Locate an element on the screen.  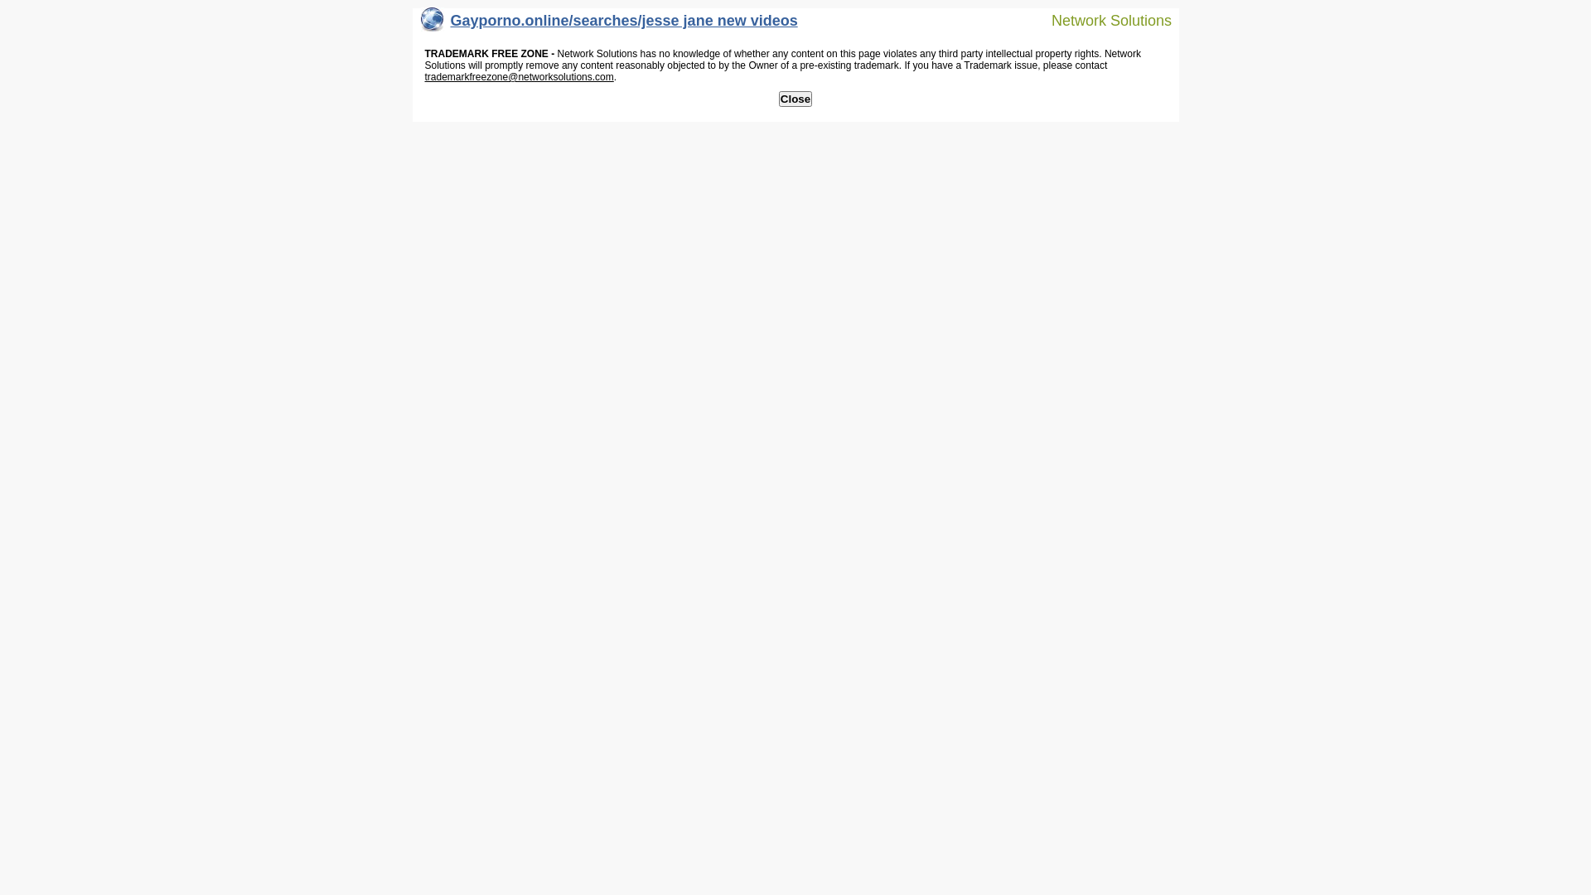
'Close' is located at coordinates (795, 99).